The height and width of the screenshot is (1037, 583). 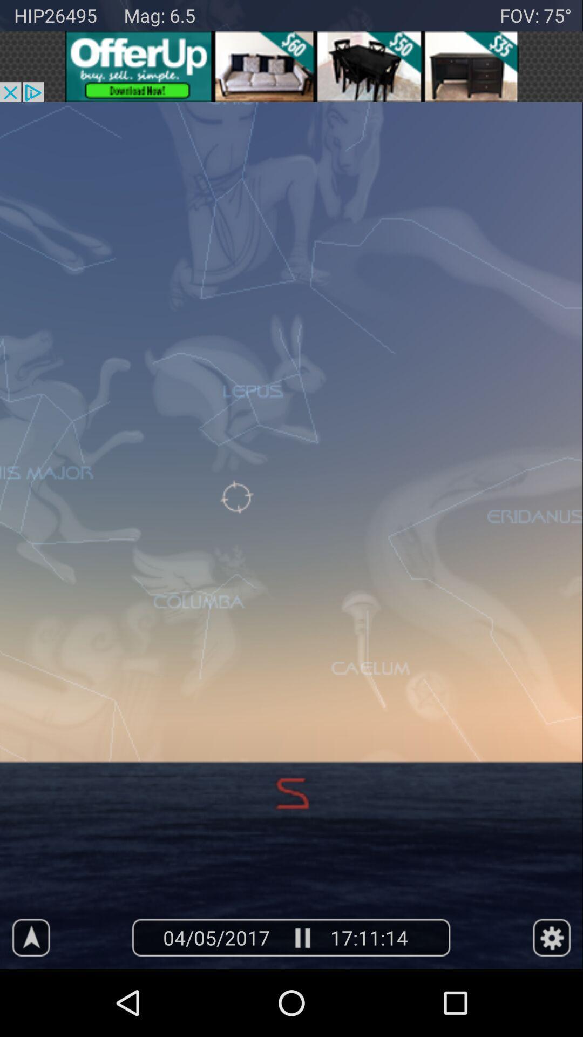 What do you see at coordinates (302, 937) in the screenshot?
I see `pause` at bounding box center [302, 937].